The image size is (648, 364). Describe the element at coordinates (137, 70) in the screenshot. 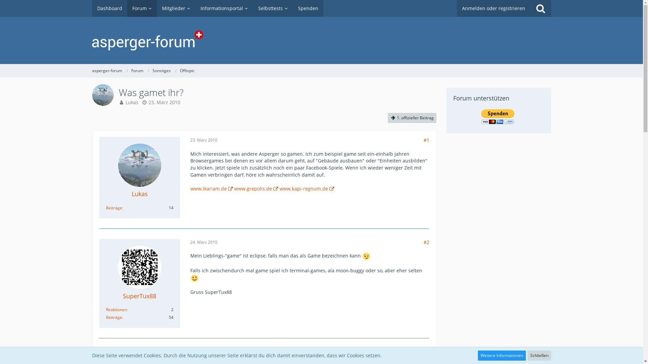

I see `'Forum'` at that location.